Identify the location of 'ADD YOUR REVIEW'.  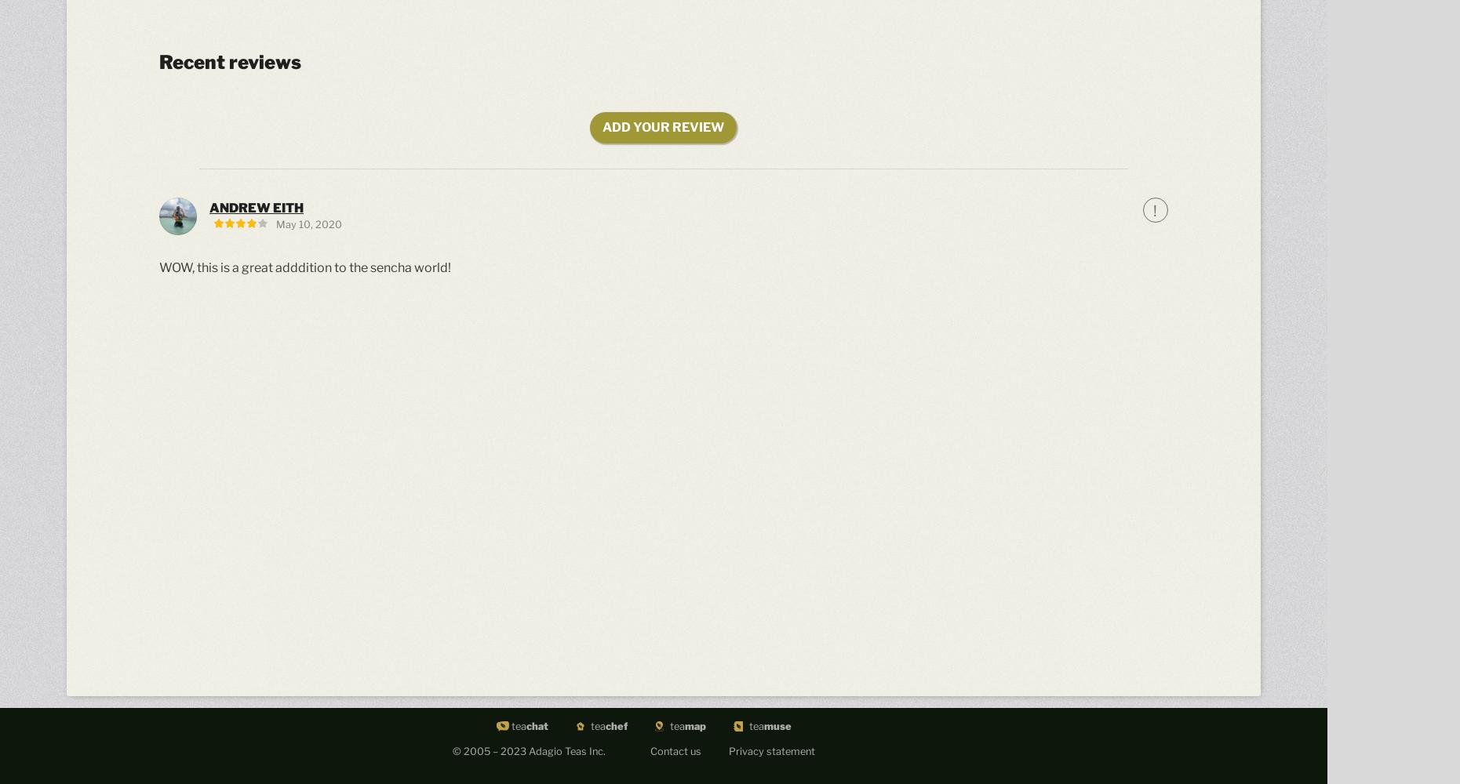
(663, 127).